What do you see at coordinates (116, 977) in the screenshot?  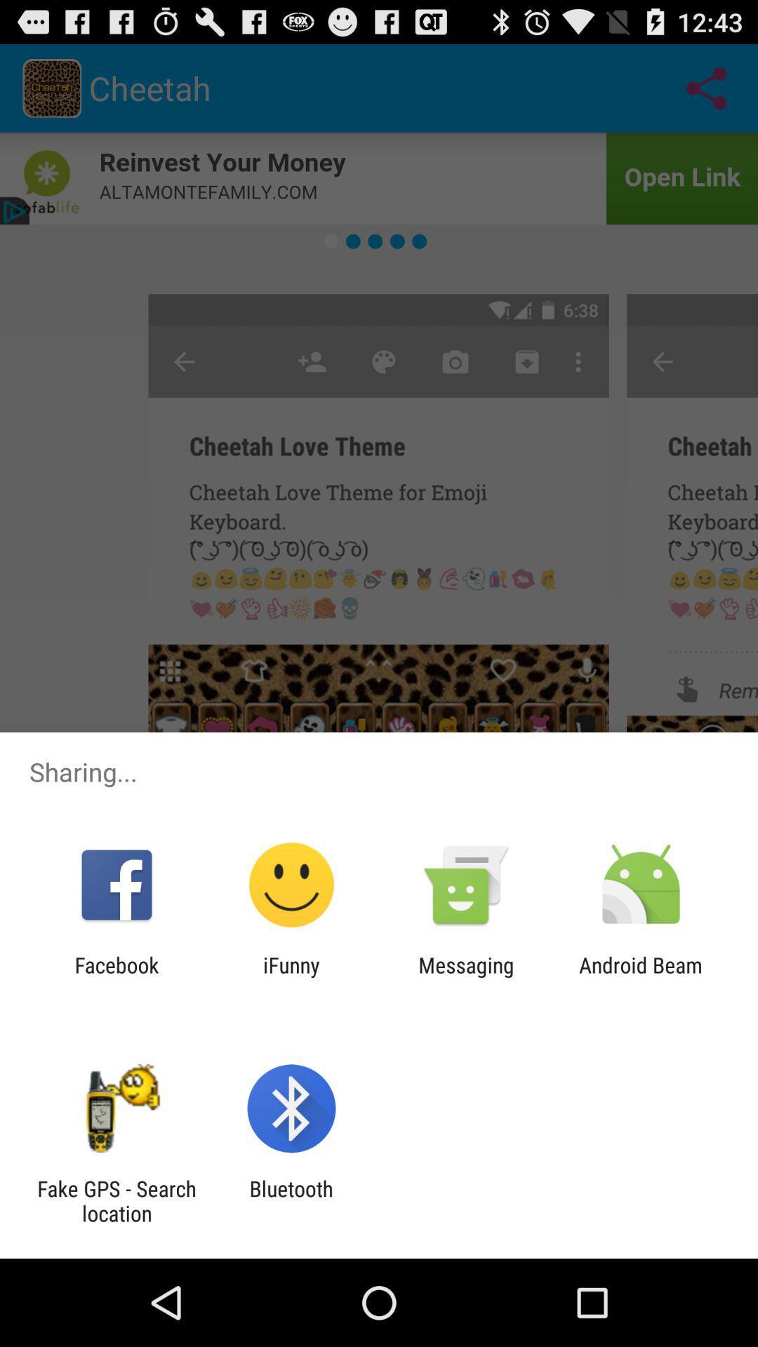 I see `facebook icon` at bounding box center [116, 977].